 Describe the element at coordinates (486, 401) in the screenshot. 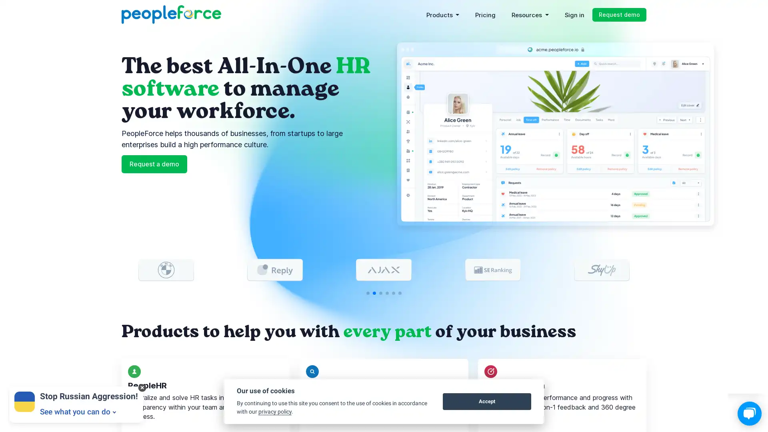

I see `Accept` at that location.